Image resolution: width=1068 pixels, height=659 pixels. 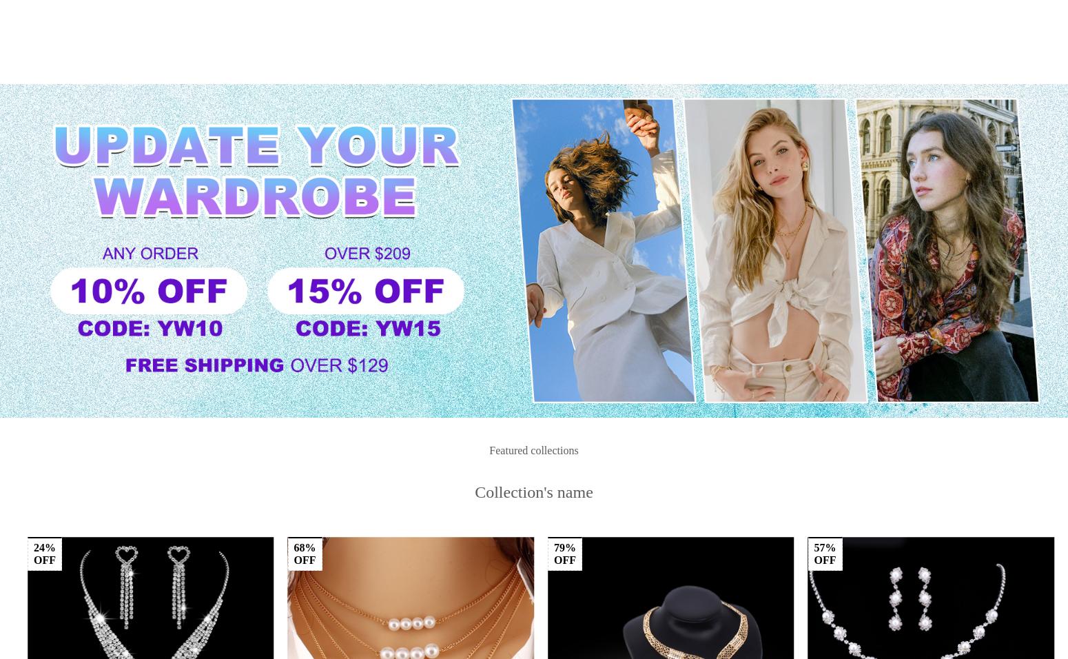 What do you see at coordinates (317, 536) in the screenshot?
I see `'USD $206.98'` at bounding box center [317, 536].